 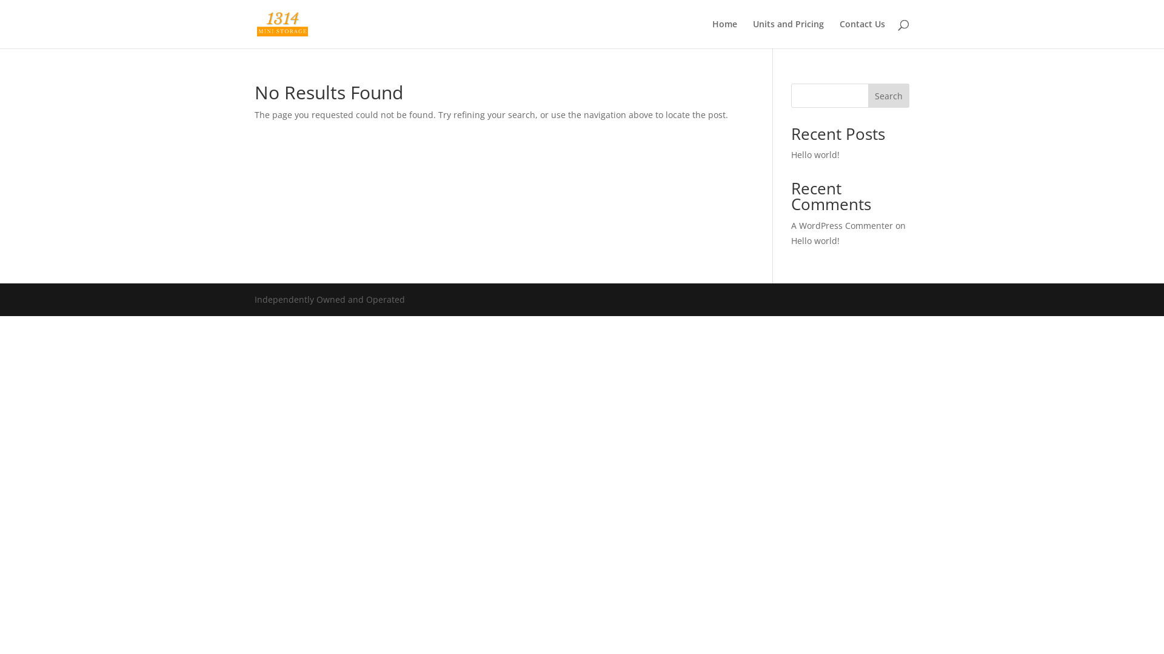 I want to click on 'Hello world!', so click(x=791, y=240).